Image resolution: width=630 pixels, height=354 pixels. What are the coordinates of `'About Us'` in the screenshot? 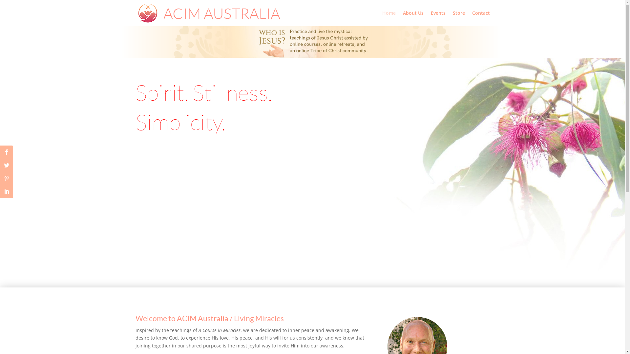 It's located at (413, 18).